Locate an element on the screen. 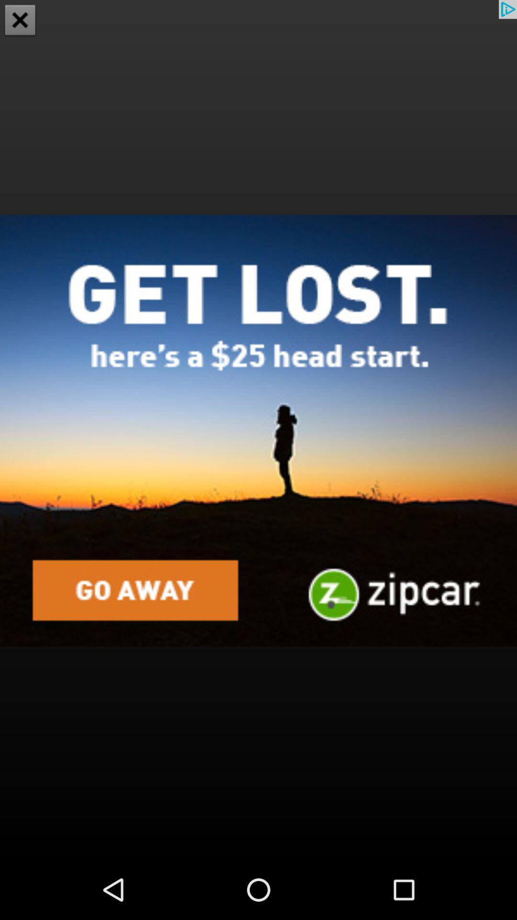 The image size is (517, 920). the close icon is located at coordinates (20, 21).